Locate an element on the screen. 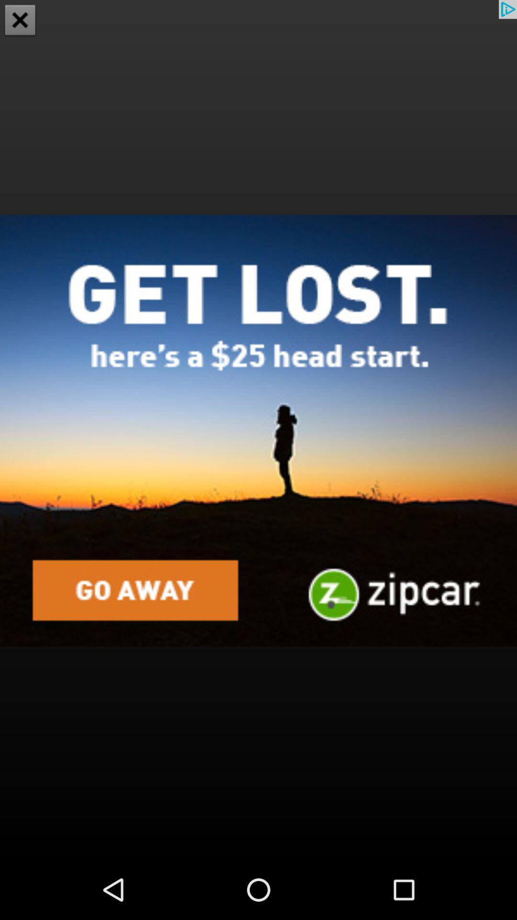 The image size is (517, 920). the close icon is located at coordinates (20, 21).